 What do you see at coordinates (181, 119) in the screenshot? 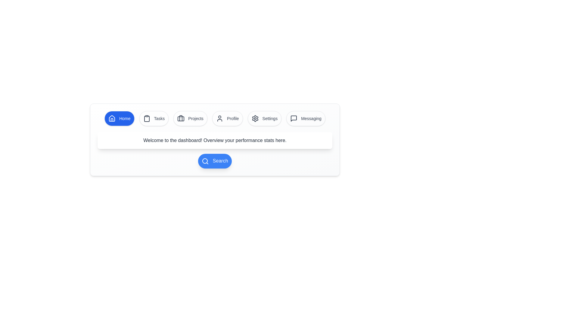
I see `the styled rectangular SVG component representing the 'Projects' section within the briefcase icon in the navigation menu` at bounding box center [181, 119].